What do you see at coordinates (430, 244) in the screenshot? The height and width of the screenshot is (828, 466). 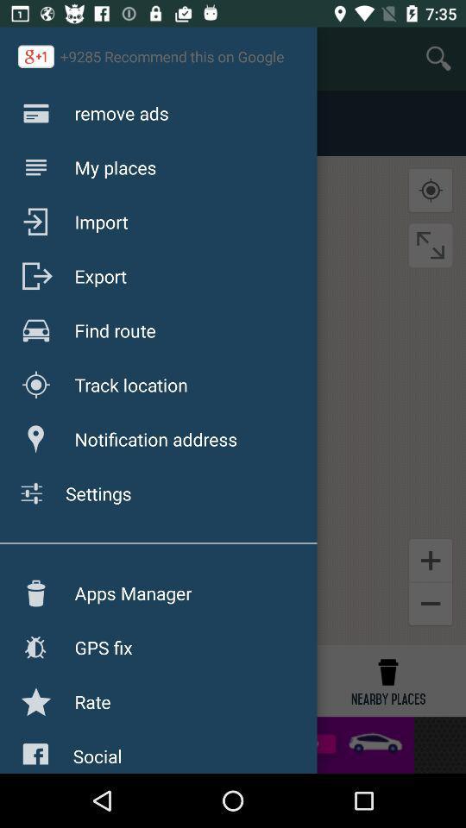 I see `the fullscreen icon` at bounding box center [430, 244].